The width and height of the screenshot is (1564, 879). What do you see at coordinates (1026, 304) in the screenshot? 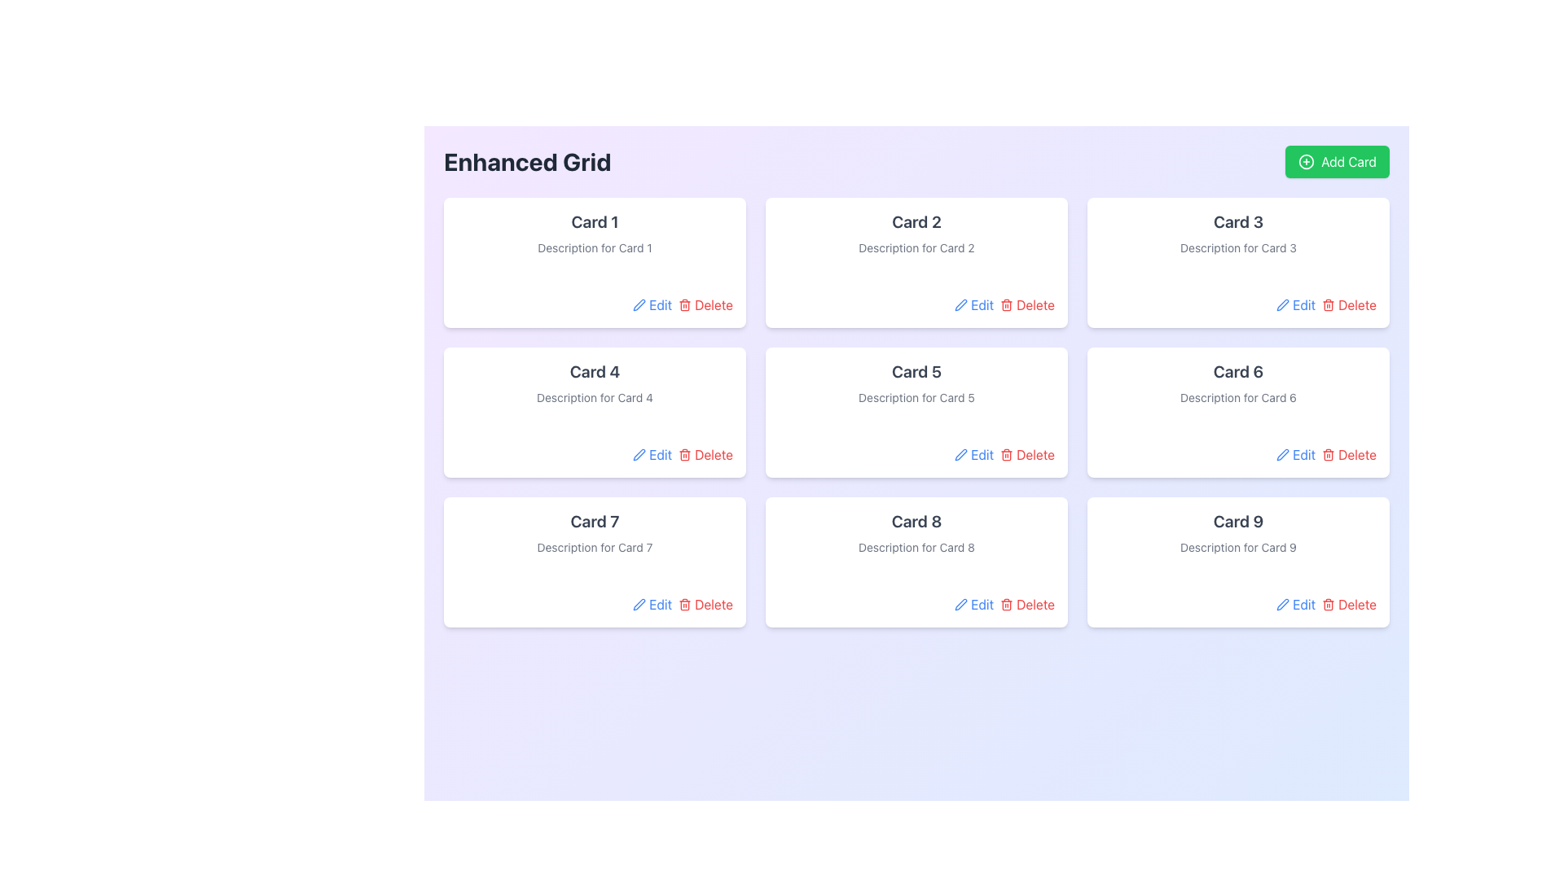
I see `the delete button located at the bottom-right of the second card in the grid layout` at bounding box center [1026, 304].